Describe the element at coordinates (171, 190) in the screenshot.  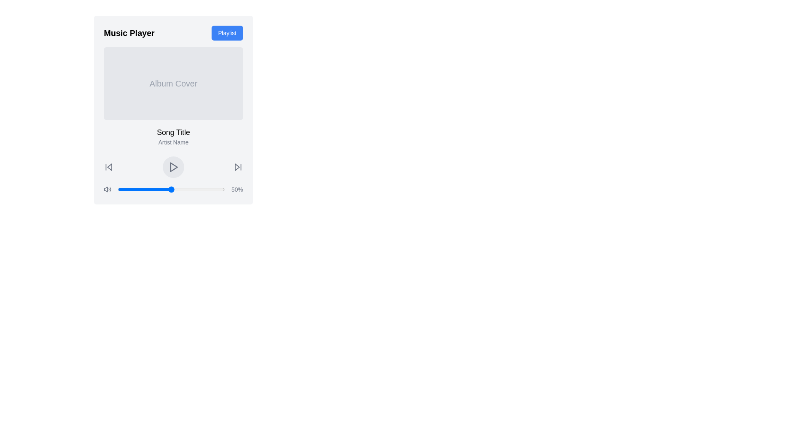
I see `the volume` at that location.